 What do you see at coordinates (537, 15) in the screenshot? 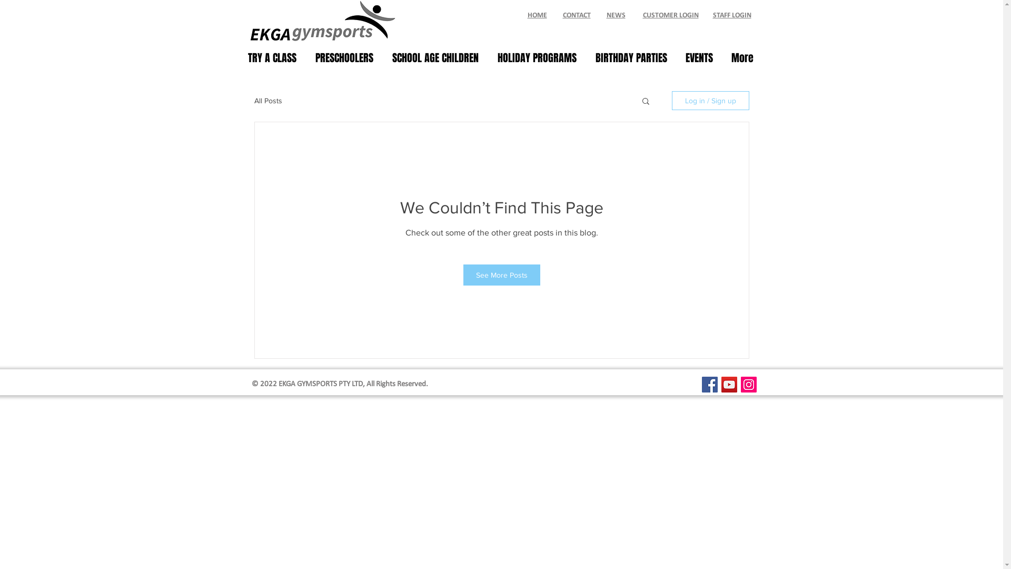
I see `'HOME'` at bounding box center [537, 15].